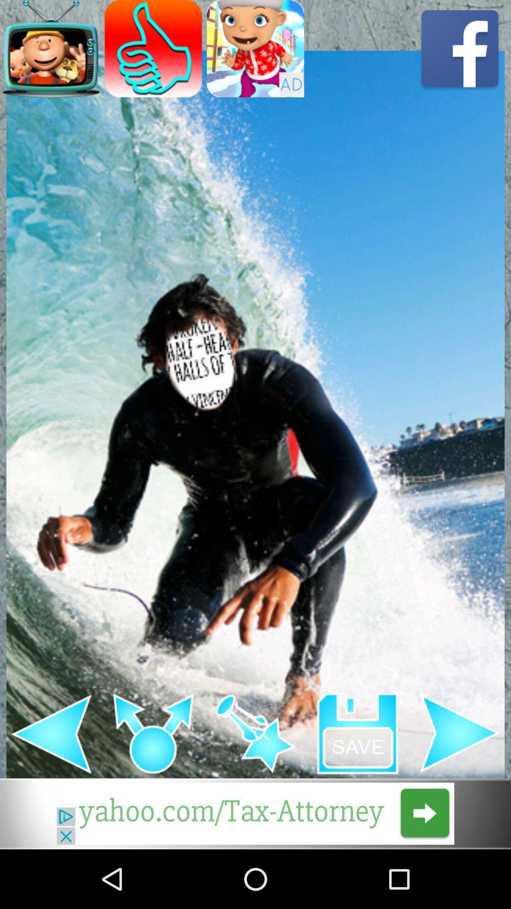 Image resolution: width=511 pixels, height=909 pixels. I want to click on share to facebook, so click(459, 48).